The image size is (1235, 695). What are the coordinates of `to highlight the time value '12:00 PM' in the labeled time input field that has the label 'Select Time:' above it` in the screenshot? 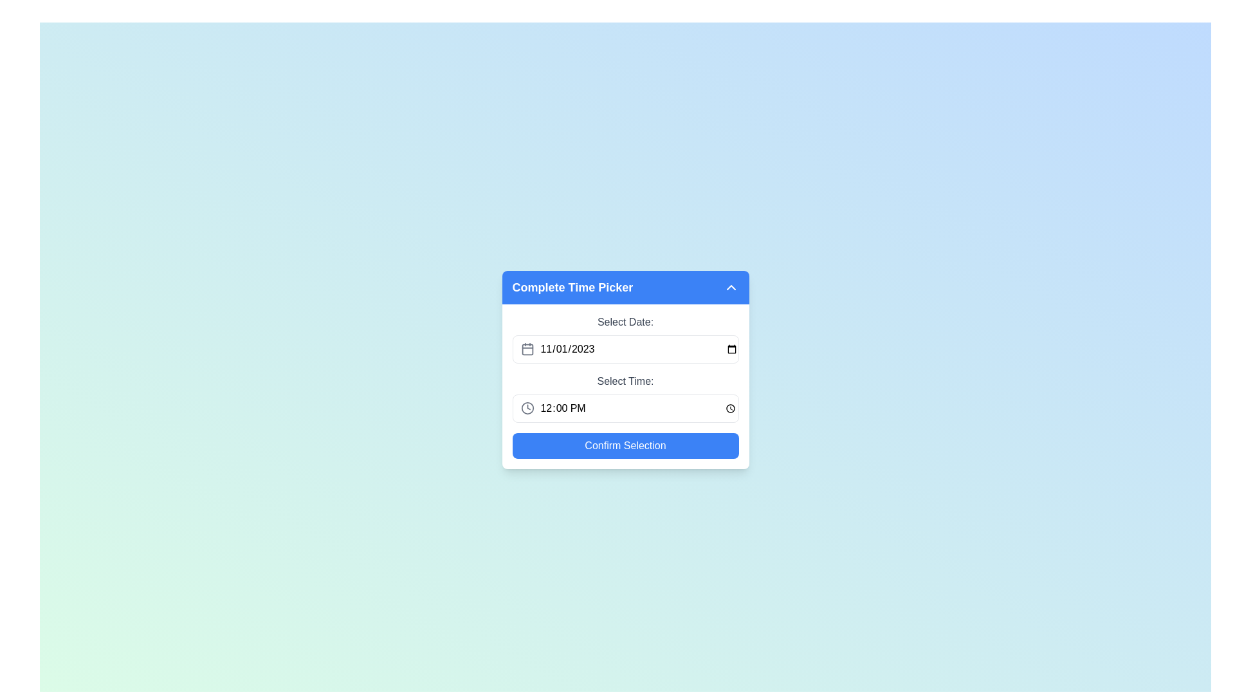 It's located at (625, 397).